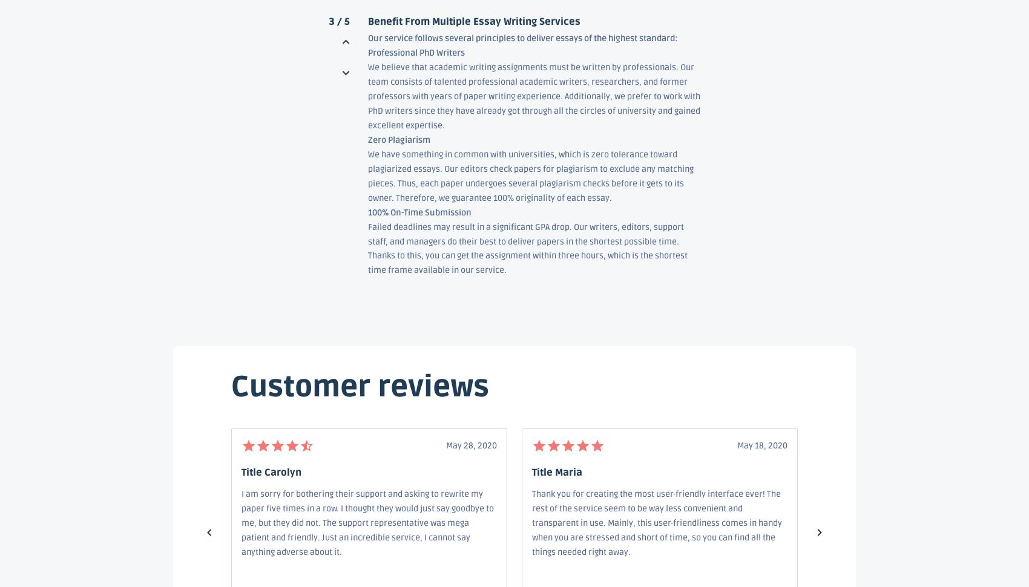  I want to click on 'Once you place your order, we will allocate it to a writer immediately. Rest assured that your task performer has relevant experience in your discipline.', so click(527, 476).